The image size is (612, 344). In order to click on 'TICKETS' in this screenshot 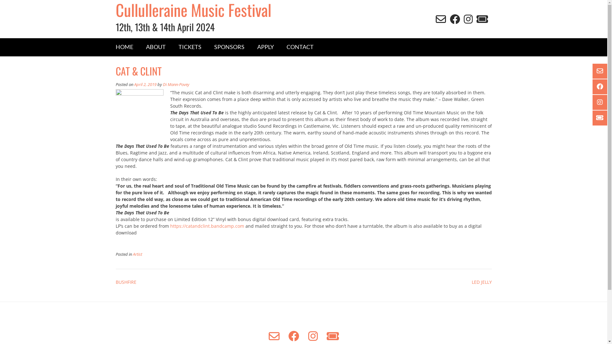, I will do `click(189, 47)`.